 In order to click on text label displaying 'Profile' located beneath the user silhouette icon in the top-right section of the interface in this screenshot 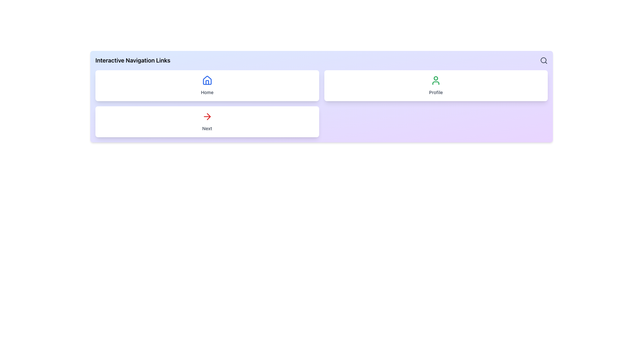, I will do `click(436, 92)`.